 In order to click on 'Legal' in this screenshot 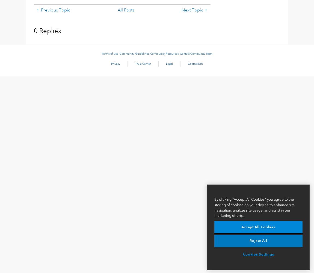, I will do `click(166, 64)`.